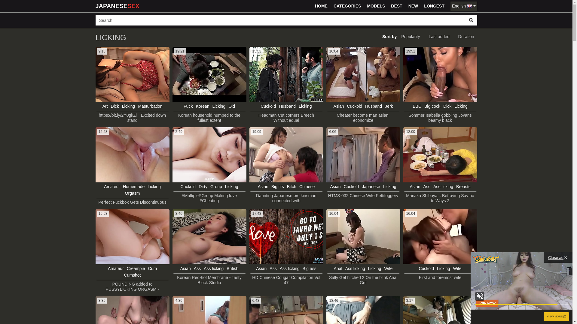 This screenshot has height=324, width=577. What do you see at coordinates (136, 268) in the screenshot?
I see `'Creampie'` at bounding box center [136, 268].